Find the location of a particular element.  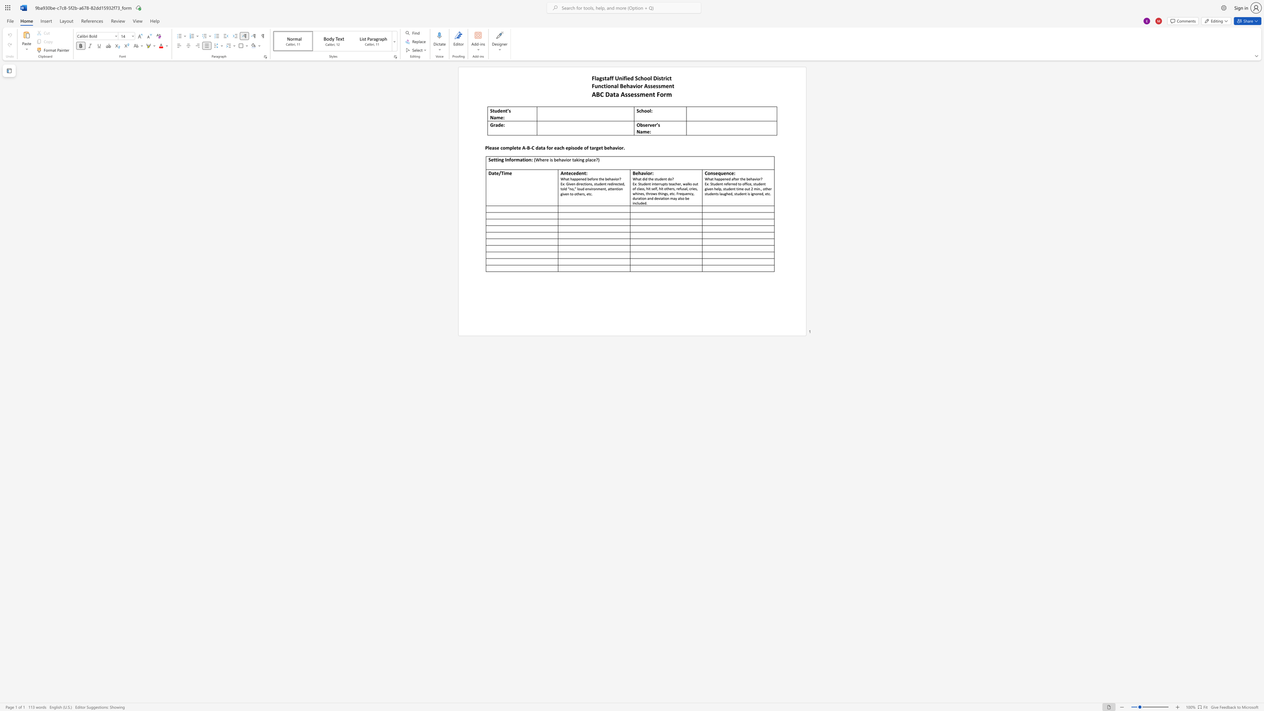

the subset text "he studen" within the text "What did the student do?" is located at coordinates (649, 179).